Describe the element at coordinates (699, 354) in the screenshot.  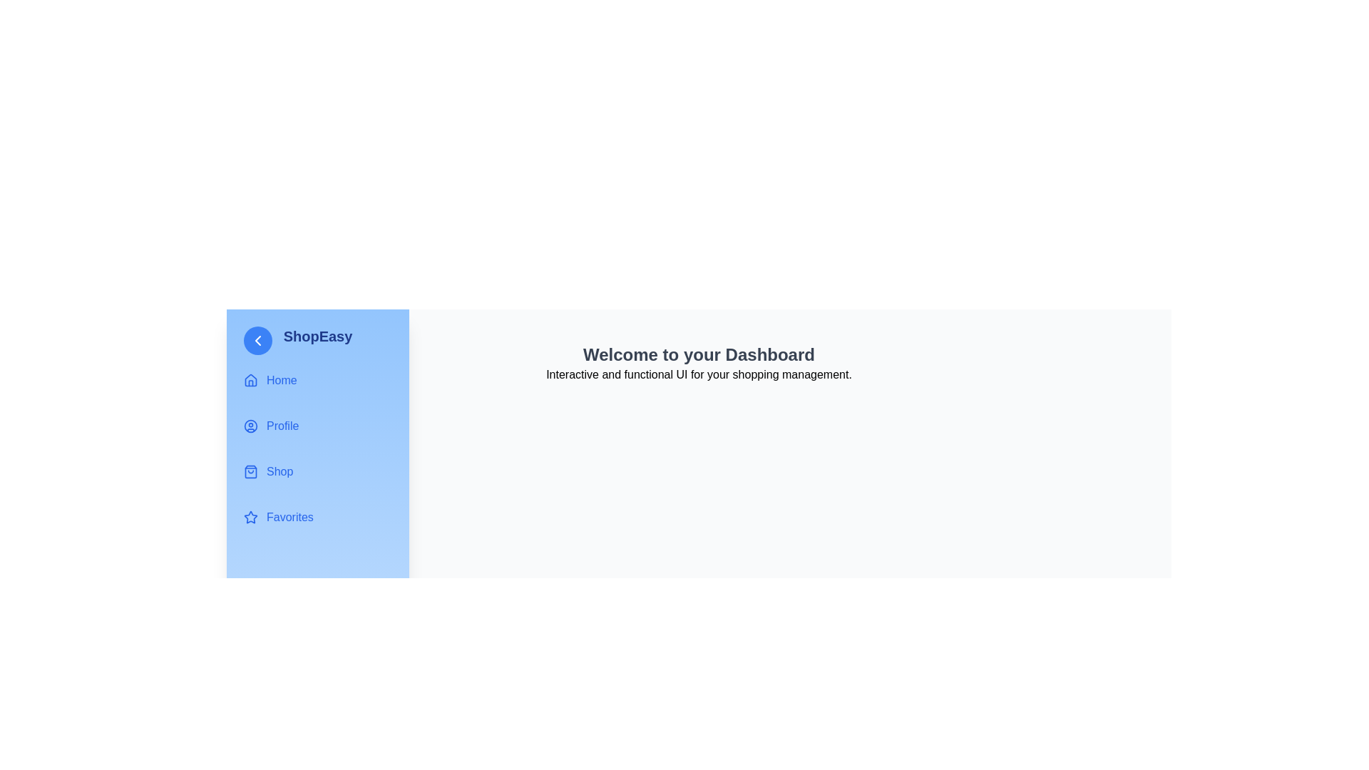
I see `the header text element that welcomes the user to their dashboard and sets the context for the content below it` at that location.